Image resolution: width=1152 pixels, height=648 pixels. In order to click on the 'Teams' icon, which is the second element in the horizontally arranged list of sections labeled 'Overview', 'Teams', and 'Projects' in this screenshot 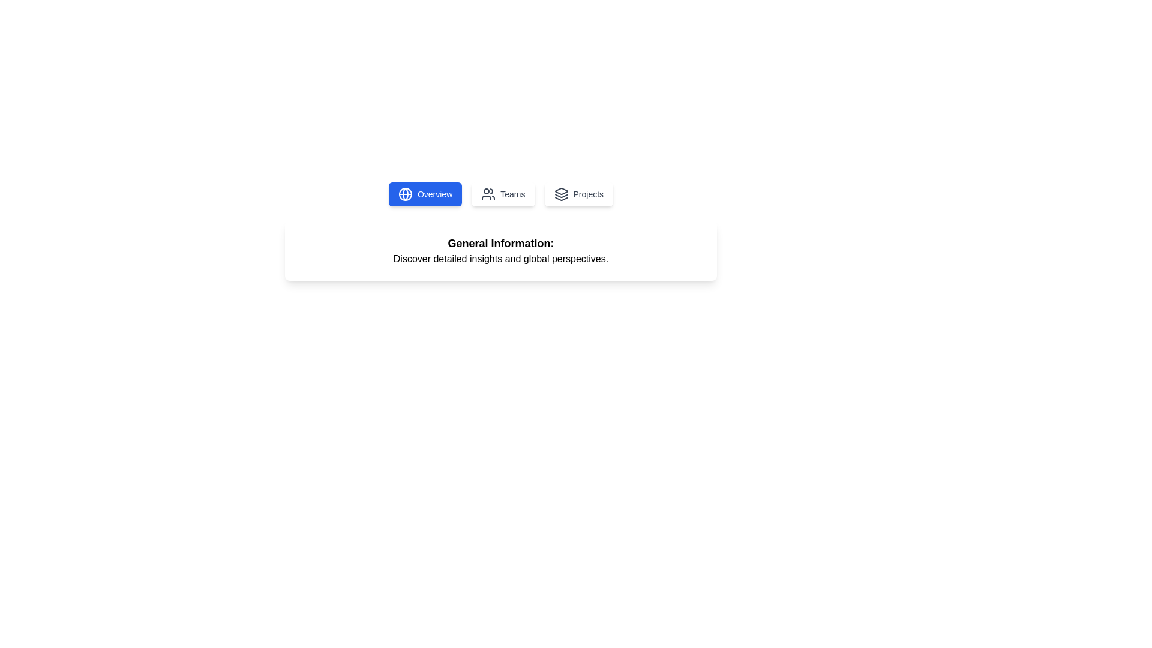, I will do `click(488, 194)`.